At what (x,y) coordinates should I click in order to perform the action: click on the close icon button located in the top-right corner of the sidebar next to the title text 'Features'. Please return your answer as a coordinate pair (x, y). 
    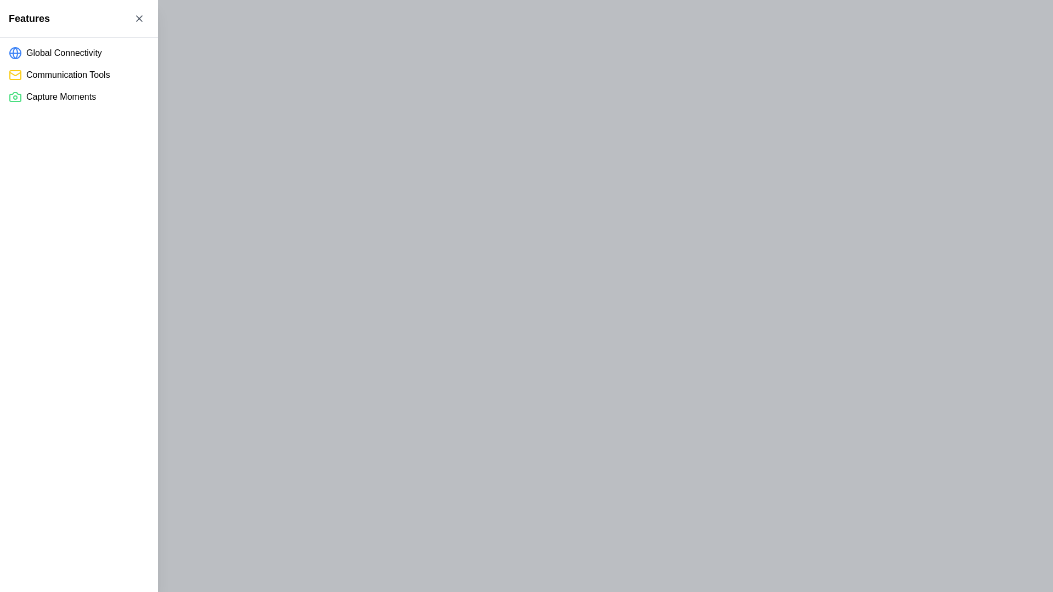
    Looking at the image, I should click on (139, 19).